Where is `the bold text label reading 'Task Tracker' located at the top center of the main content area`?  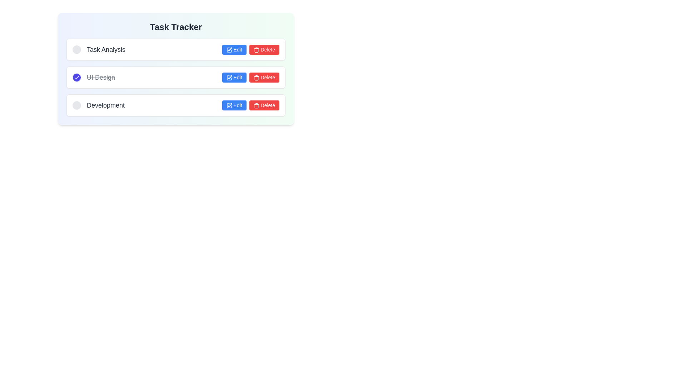 the bold text label reading 'Task Tracker' located at the top center of the main content area is located at coordinates (176, 27).